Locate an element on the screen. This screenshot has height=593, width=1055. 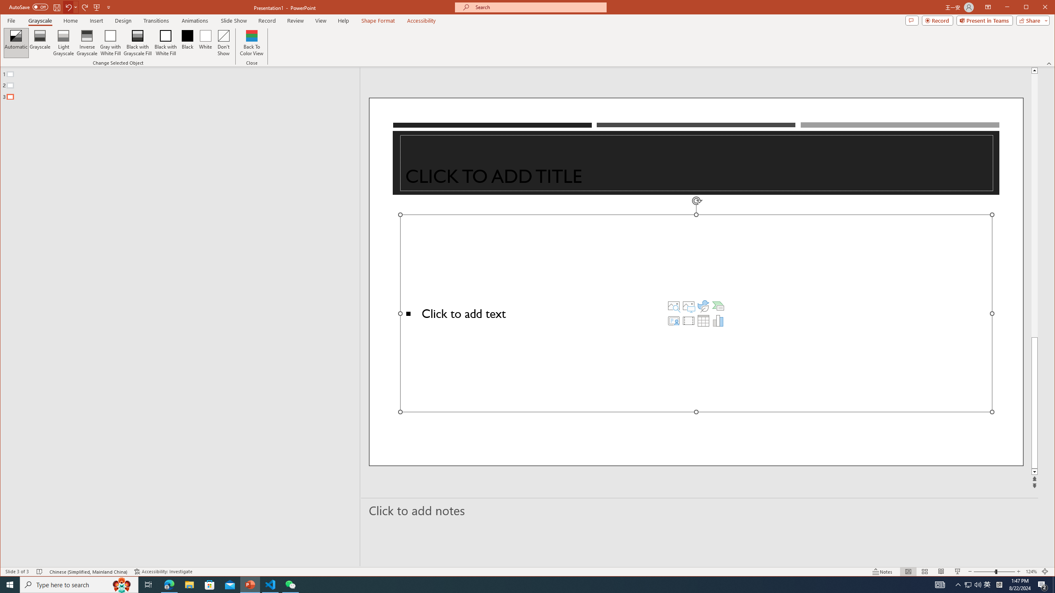
'Insert an Icon' is located at coordinates (703, 306).